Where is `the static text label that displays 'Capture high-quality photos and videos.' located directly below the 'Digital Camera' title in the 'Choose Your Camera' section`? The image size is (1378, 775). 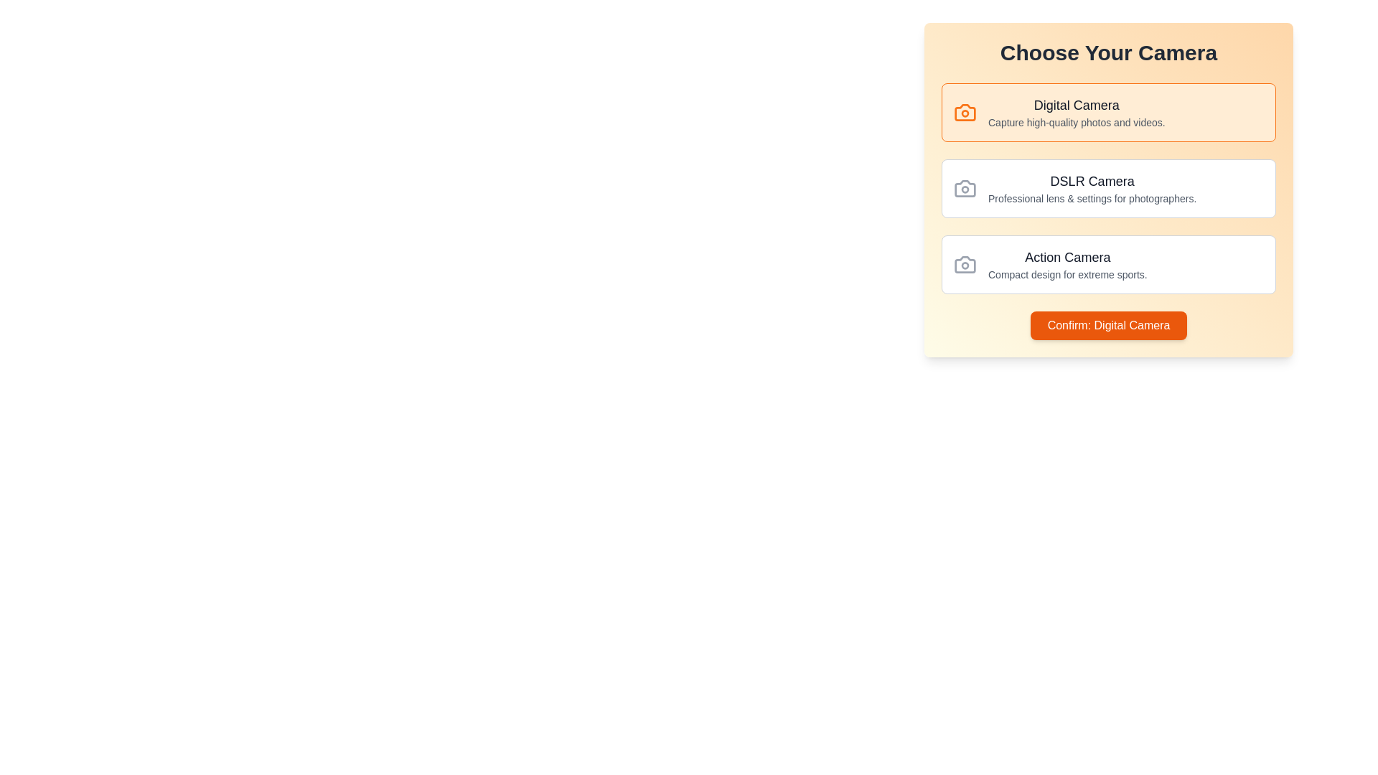
the static text label that displays 'Capture high-quality photos and videos.' located directly below the 'Digital Camera' title in the 'Choose Your Camera' section is located at coordinates (1077, 121).